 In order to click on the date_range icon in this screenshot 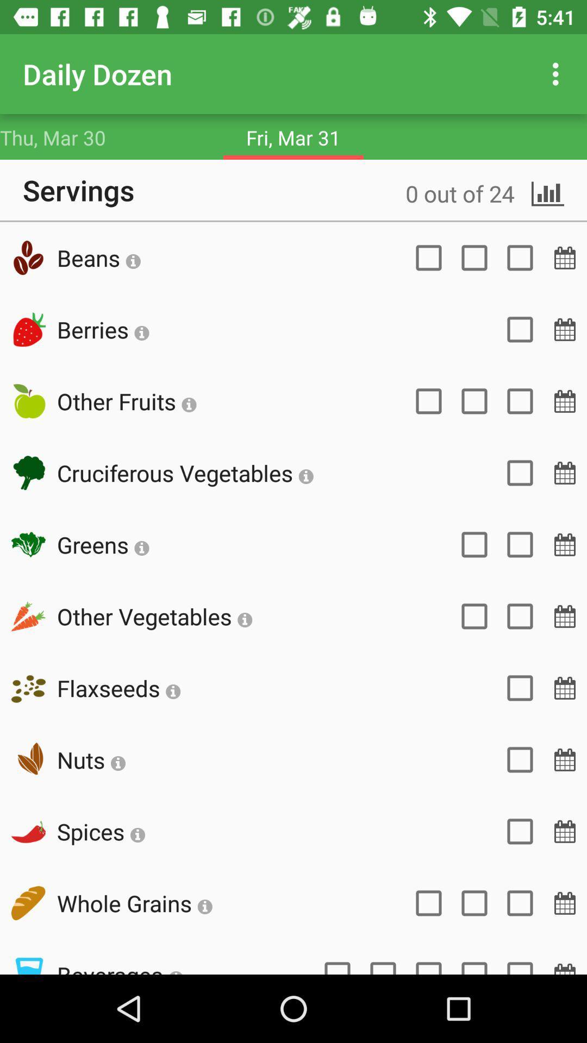, I will do `click(564, 473)`.